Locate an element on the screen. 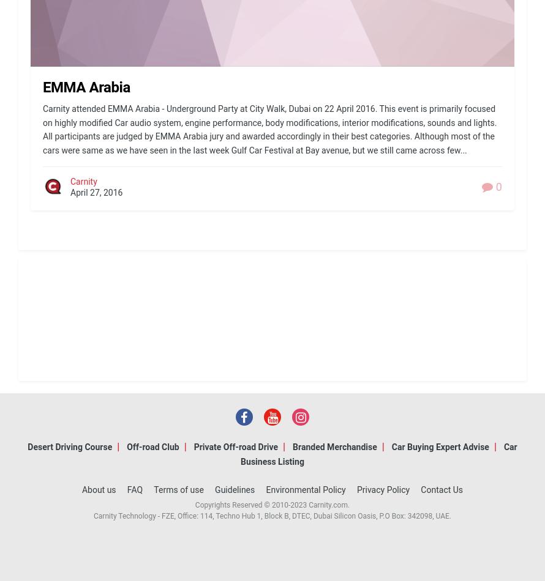  'Desert Driving Course' is located at coordinates (28, 446).